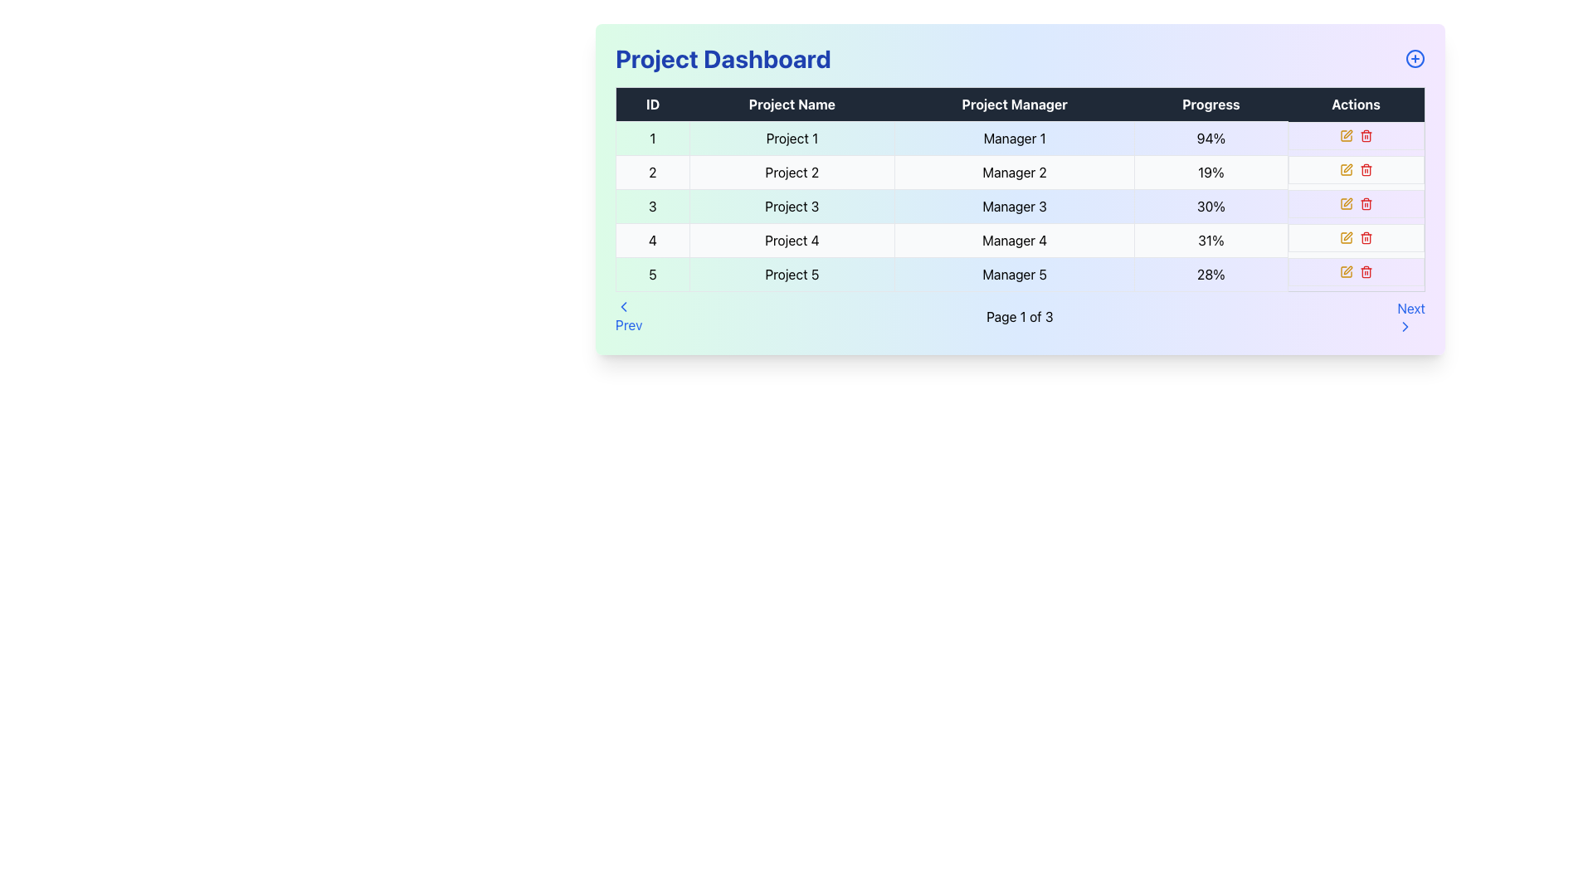  What do you see at coordinates (1211, 137) in the screenshot?
I see `the static text cell displaying '94%' in bold black font, which is located in the fourth column of the first row under the 'Progress' header` at bounding box center [1211, 137].